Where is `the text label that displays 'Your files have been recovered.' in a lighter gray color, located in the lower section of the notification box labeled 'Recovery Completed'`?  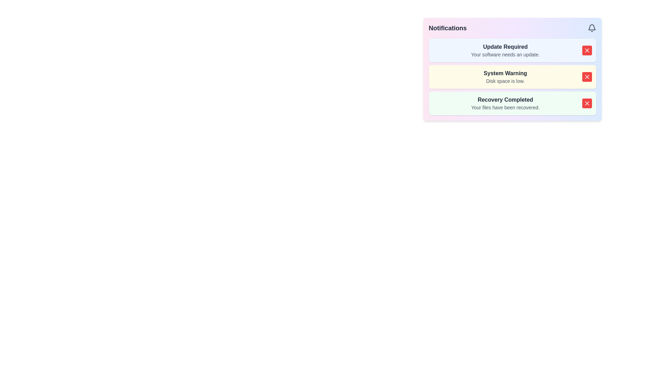
the text label that displays 'Your files have been recovered.' in a lighter gray color, located in the lower section of the notification box labeled 'Recovery Completed' is located at coordinates (505, 107).